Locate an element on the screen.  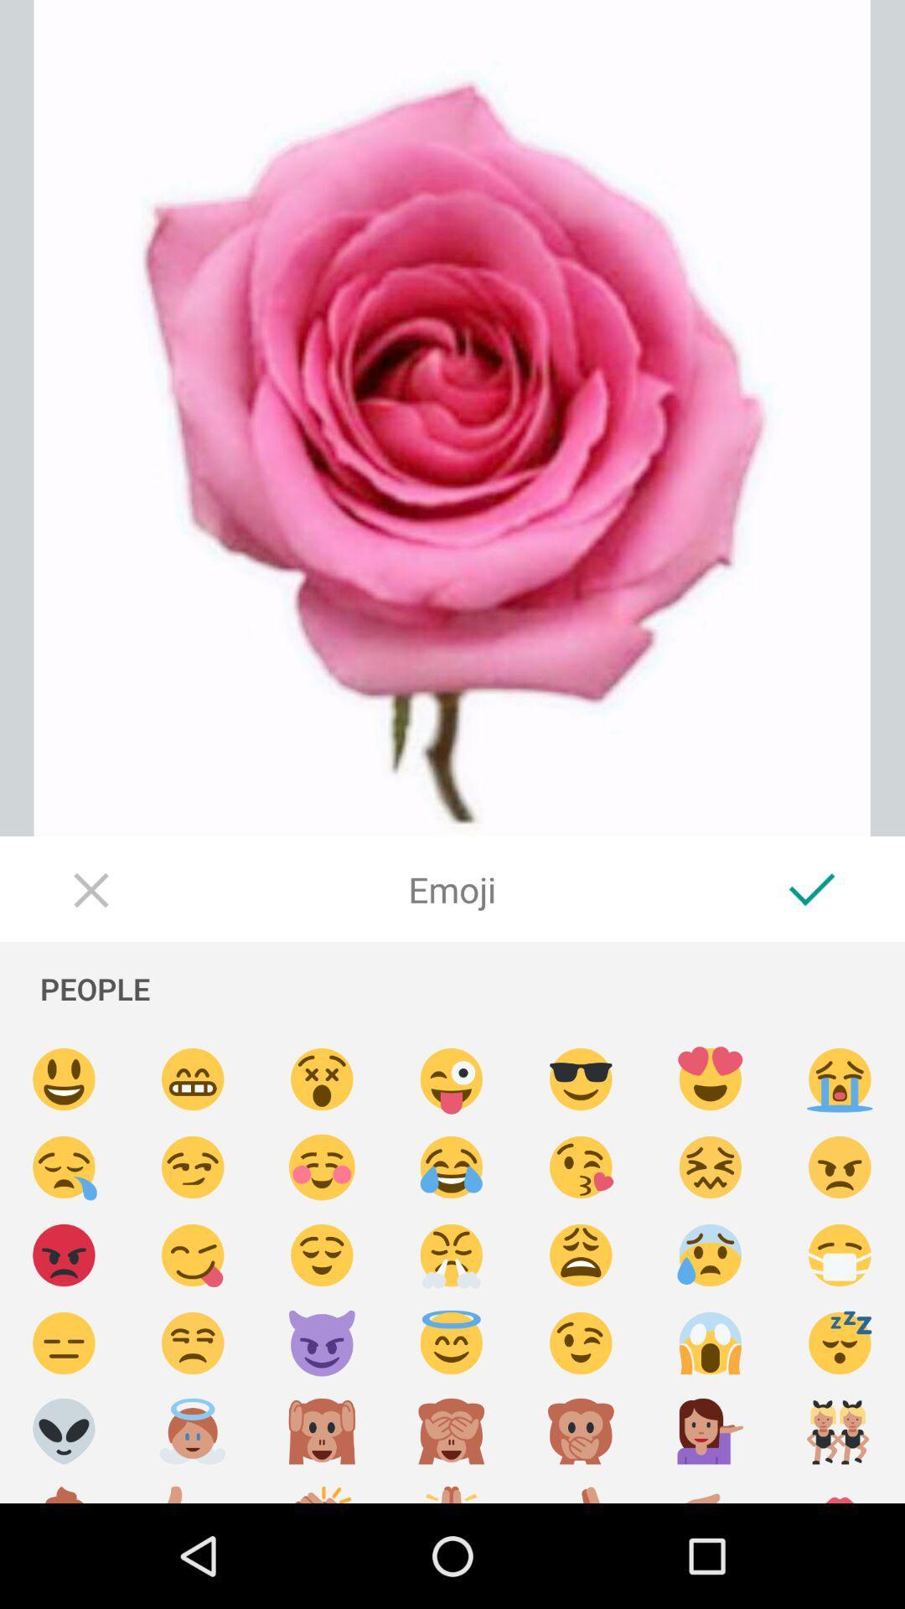
angel emoji is located at coordinates (192, 1431).